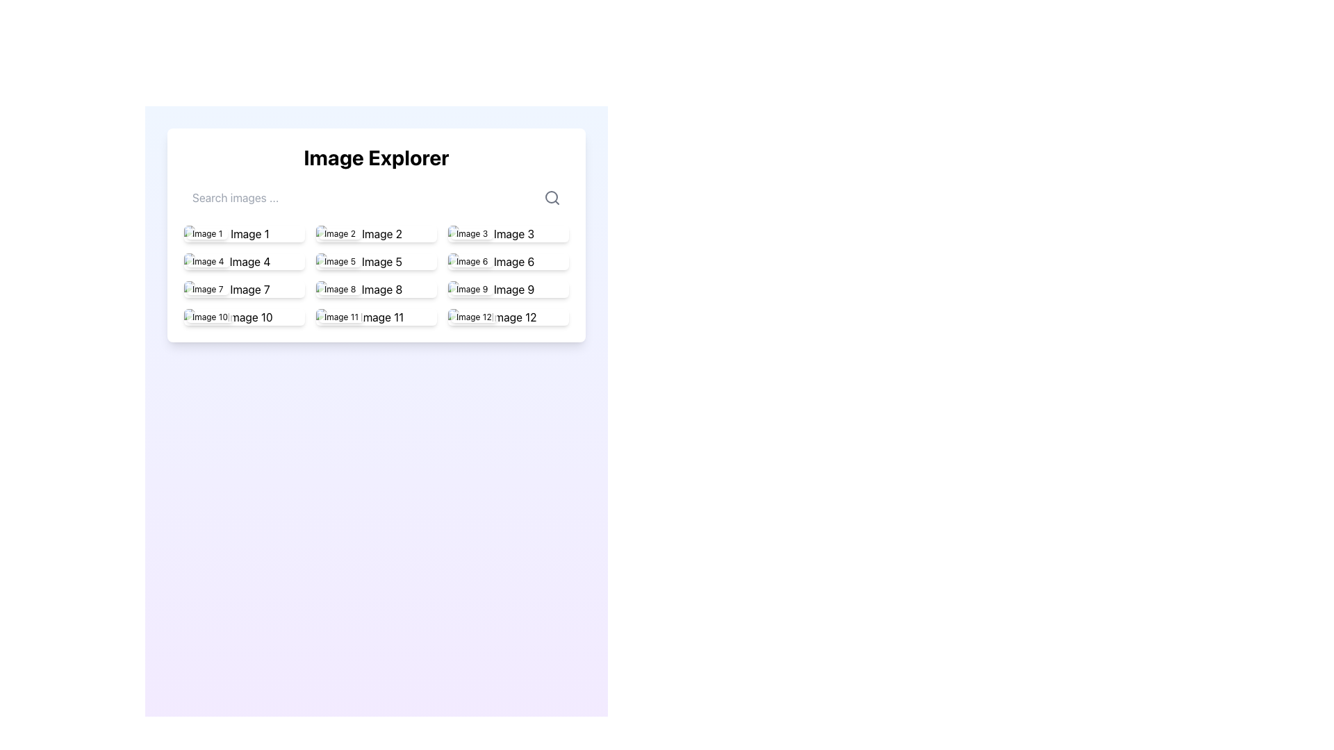 The height and width of the screenshot is (750, 1334). What do you see at coordinates (472, 262) in the screenshot?
I see `the Text Label located at the bottom left corner of Image 6, which is positioned in the second row and third column of the grid layout` at bounding box center [472, 262].